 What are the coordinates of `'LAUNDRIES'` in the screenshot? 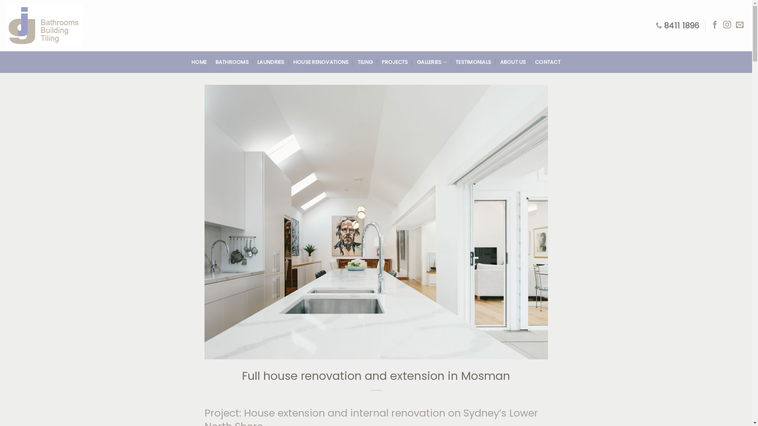 It's located at (271, 62).